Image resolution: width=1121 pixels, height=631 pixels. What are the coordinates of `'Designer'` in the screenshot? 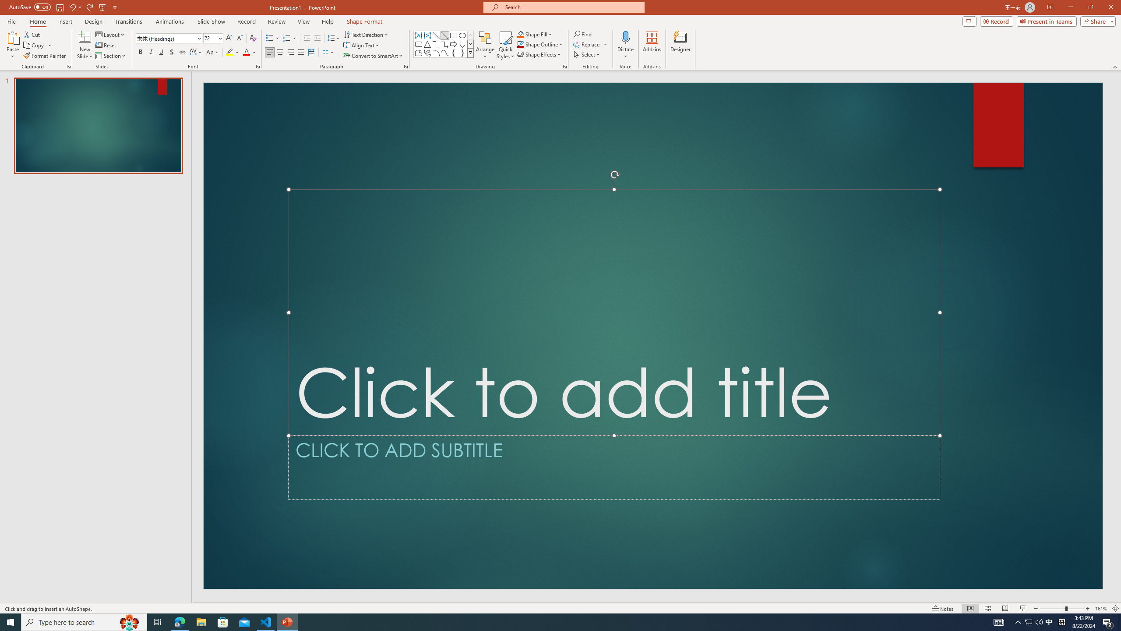 It's located at (680, 45).